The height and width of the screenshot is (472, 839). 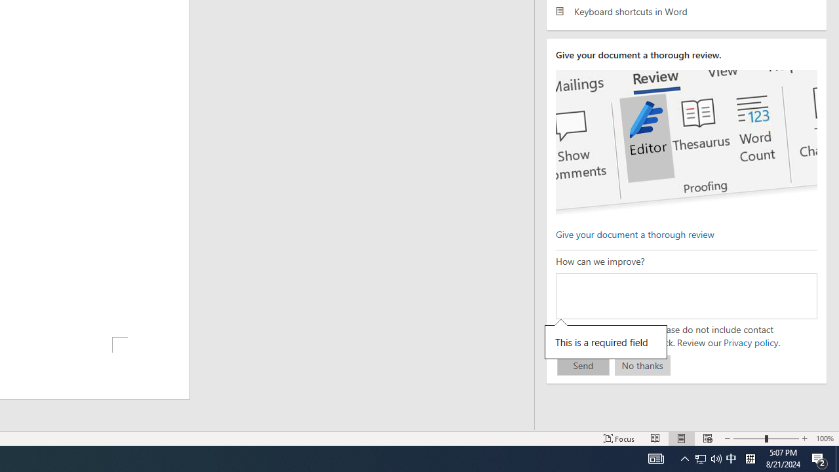 I want to click on 'Privacy policy', so click(x=750, y=342).